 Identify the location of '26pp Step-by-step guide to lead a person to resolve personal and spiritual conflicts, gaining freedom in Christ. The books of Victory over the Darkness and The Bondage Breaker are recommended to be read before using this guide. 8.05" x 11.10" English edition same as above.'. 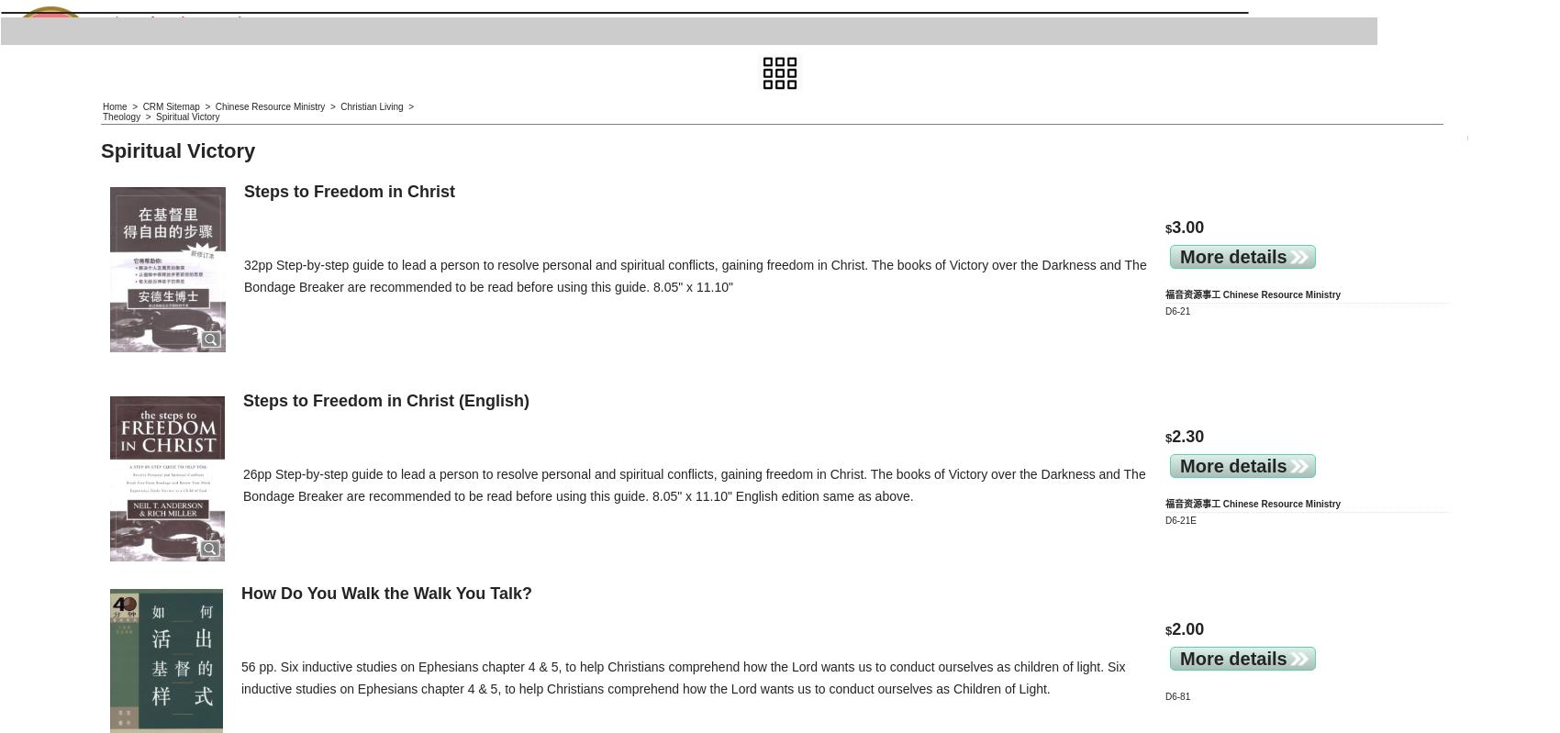
(243, 484).